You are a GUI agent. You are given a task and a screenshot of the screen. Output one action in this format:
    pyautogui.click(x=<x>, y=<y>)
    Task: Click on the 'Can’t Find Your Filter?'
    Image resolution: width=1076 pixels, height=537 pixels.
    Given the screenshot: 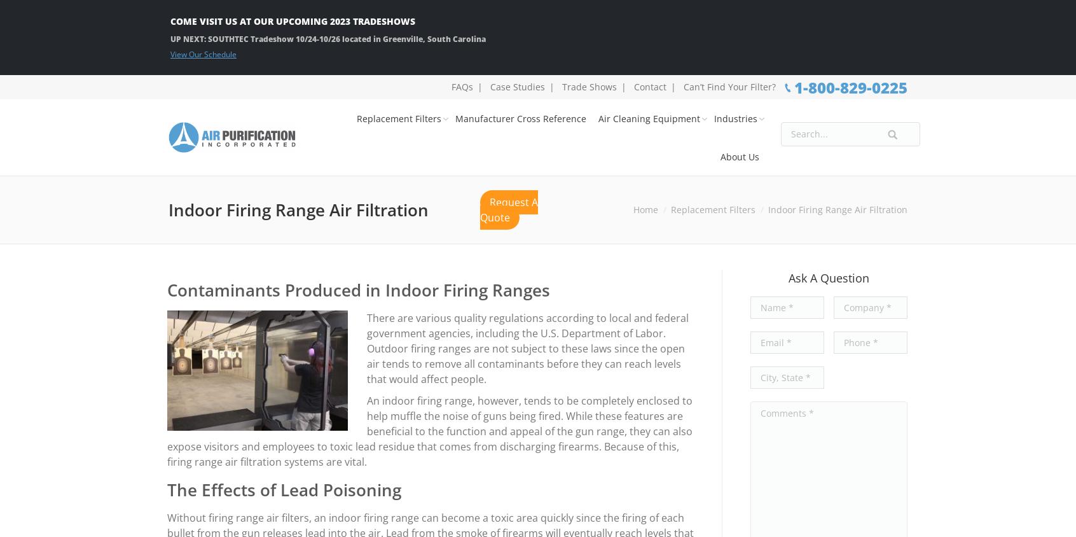 What is the action you would take?
    pyautogui.click(x=728, y=87)
    